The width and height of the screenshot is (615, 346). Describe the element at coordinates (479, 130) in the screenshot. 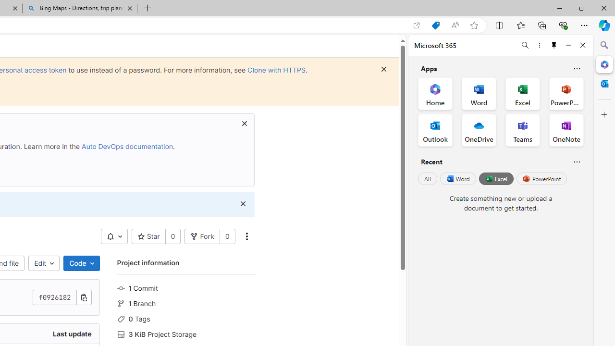

I see `'OneDrive Office App'` at that location.